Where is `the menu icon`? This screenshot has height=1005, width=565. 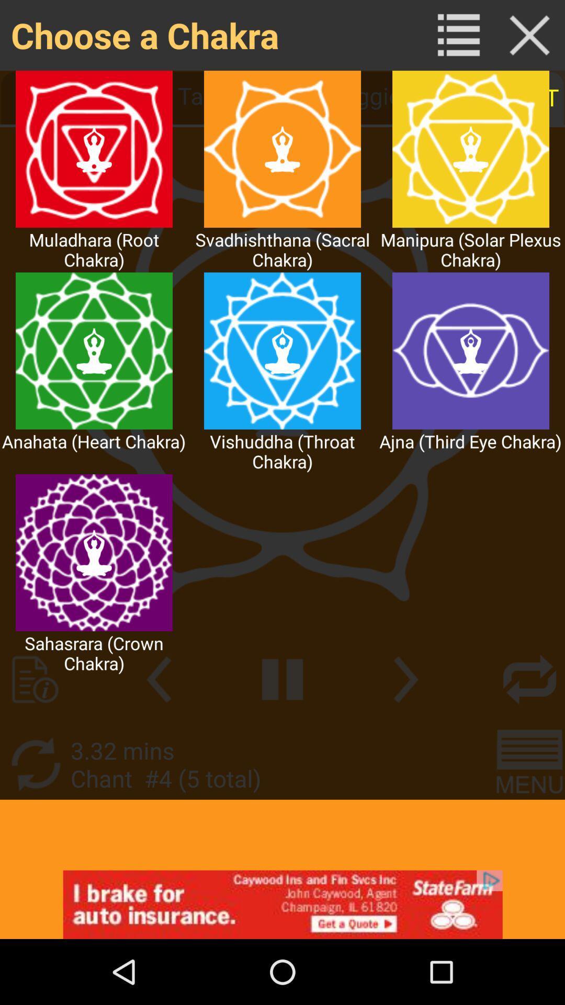
the menu icon is located at coordinates (529, 817).